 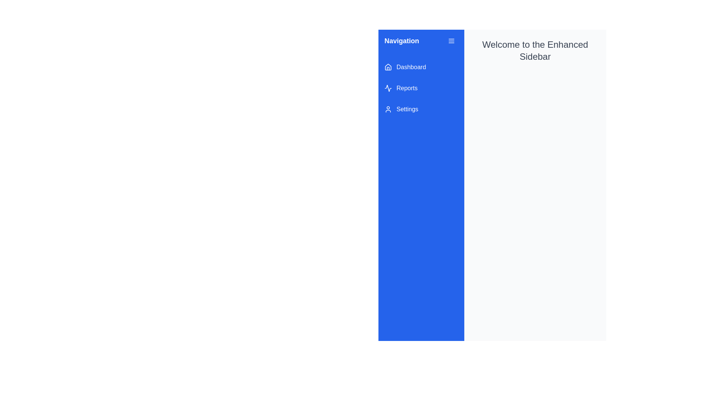 What do you see at coordinates (421, 109) in the screenshot?
I see `the third button in the vertical navigation menu labeled 'Navigation'` at bounding box center [421, 109].